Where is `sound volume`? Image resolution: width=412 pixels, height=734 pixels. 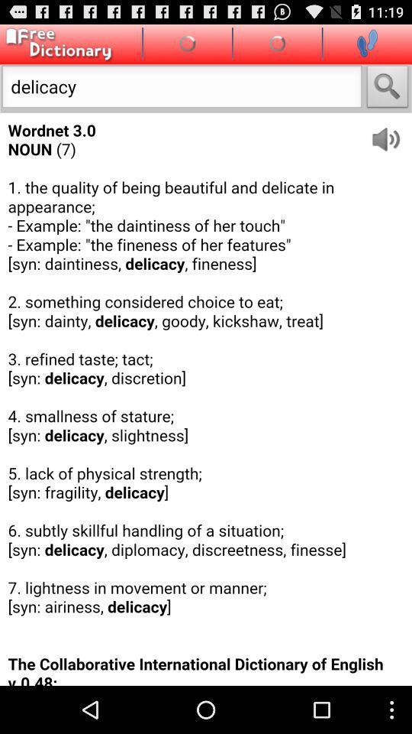
sound volume is located at coordinates (391, 133).